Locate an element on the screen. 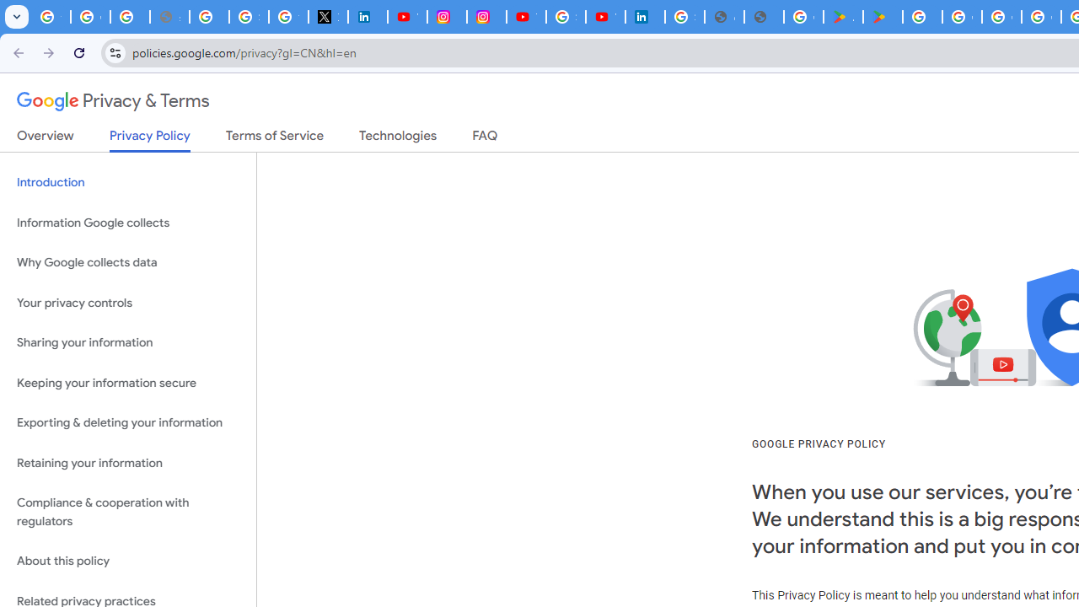  'Privacy & Terms' is located at coordinates (113, 101).